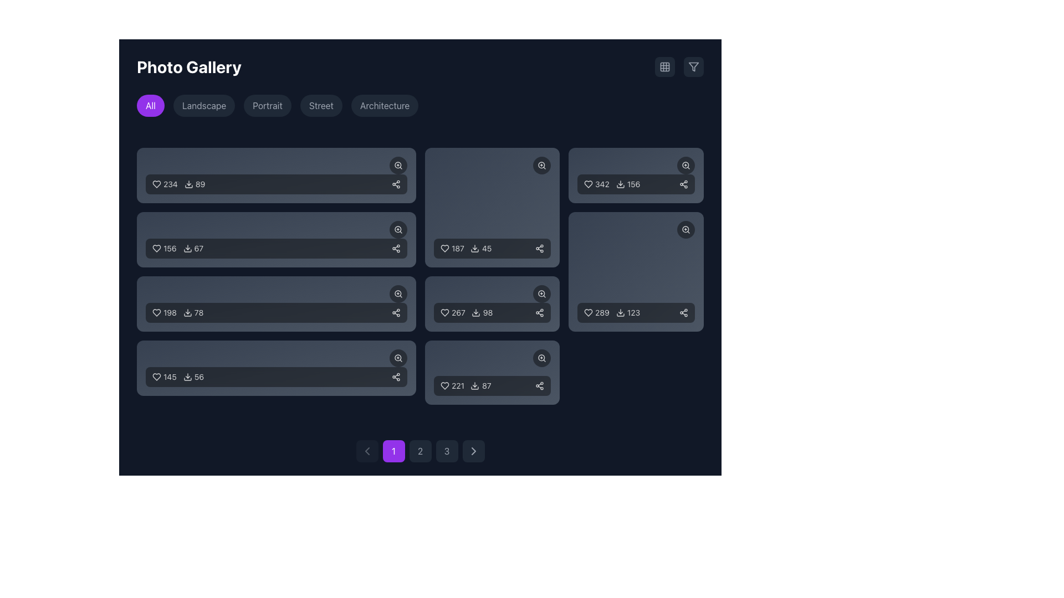 The height and width of the screenshot is (598, 1064). What do you see at coordinates (633, 183) in the screenshot?
I see `value displayed in the text label '156' which is styled in light-colored text on a dark background and is part of a horizontal set of items at the bottom of a card, positioned to the right of the download icon` at bounding box center [633, 183].